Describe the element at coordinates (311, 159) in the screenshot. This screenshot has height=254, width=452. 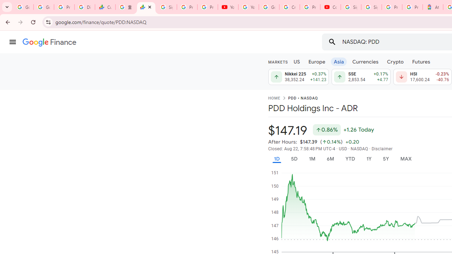
I see `'1M'` at that location.